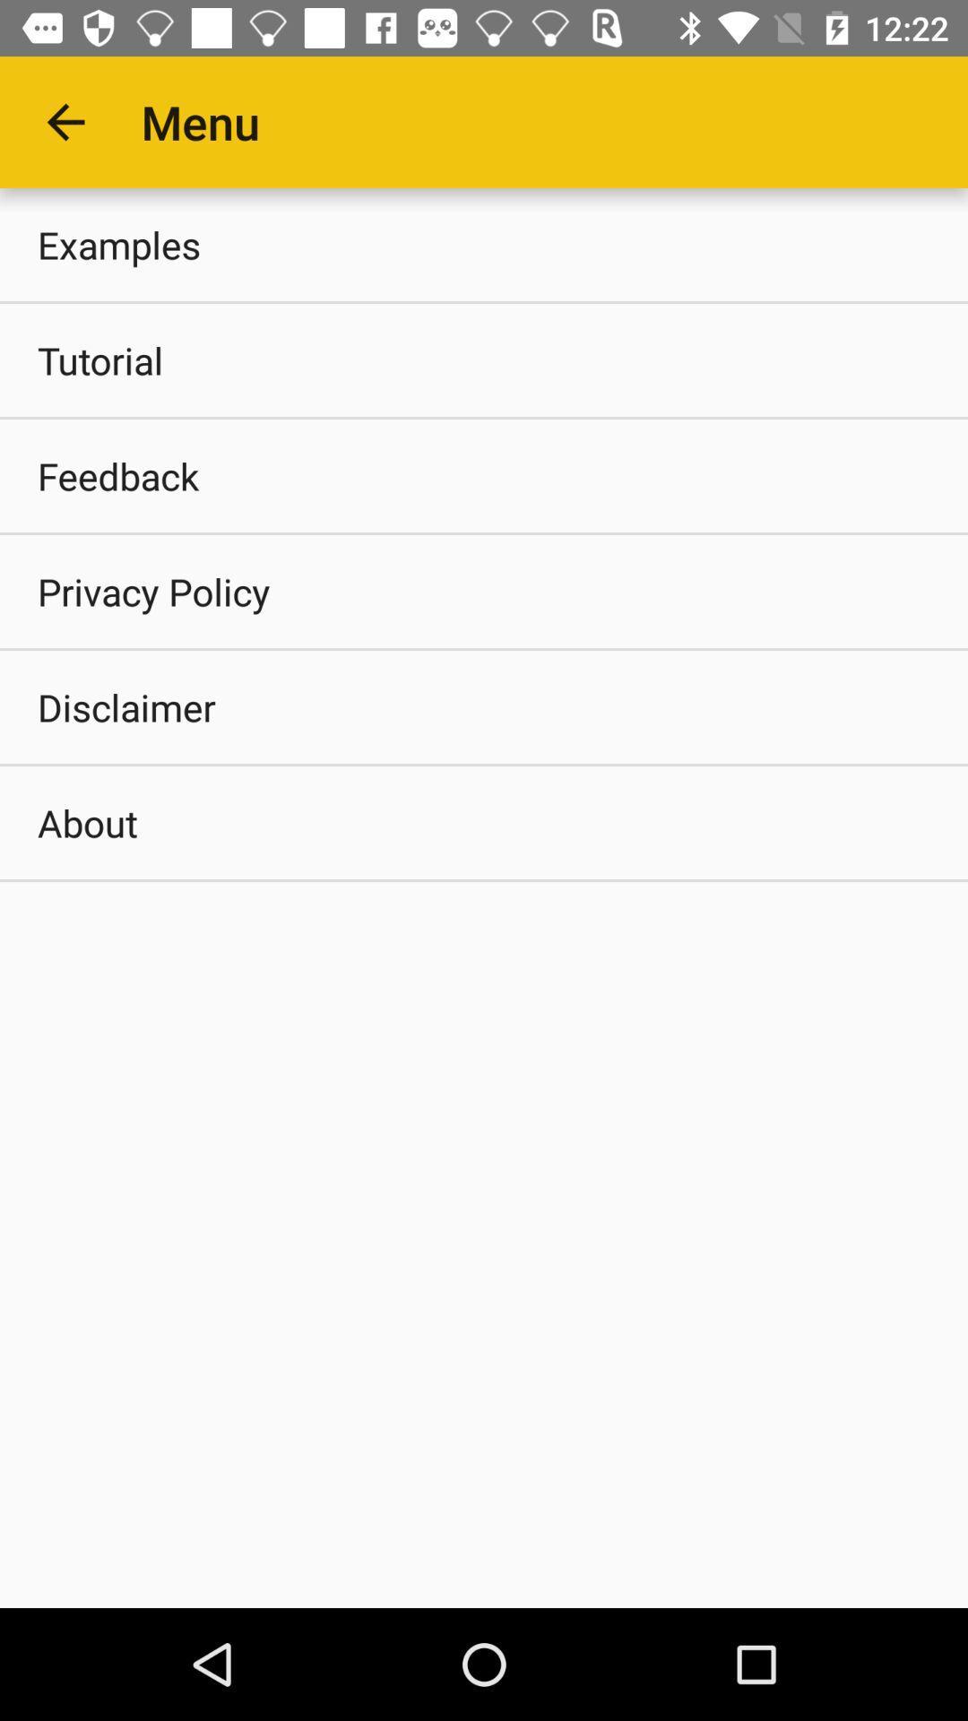  I want to click on item above the feedback, so click(484, 359).